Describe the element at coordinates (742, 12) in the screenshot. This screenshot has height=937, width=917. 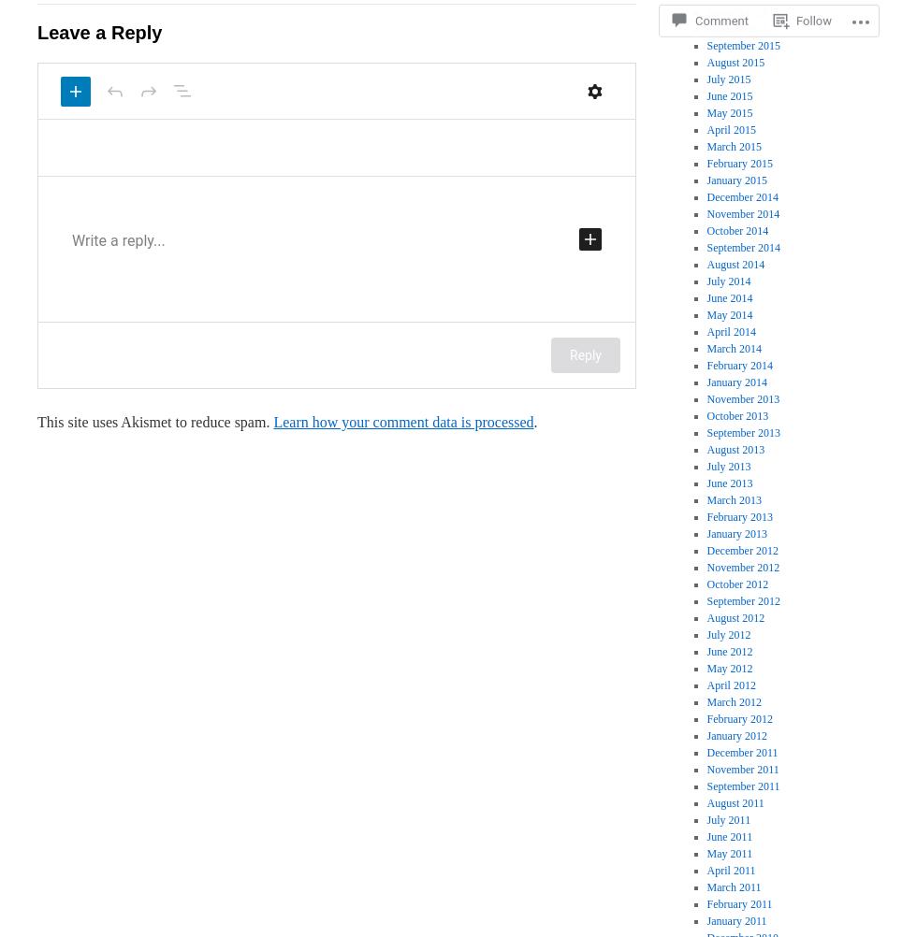
I see `'November 2015'` at that location.